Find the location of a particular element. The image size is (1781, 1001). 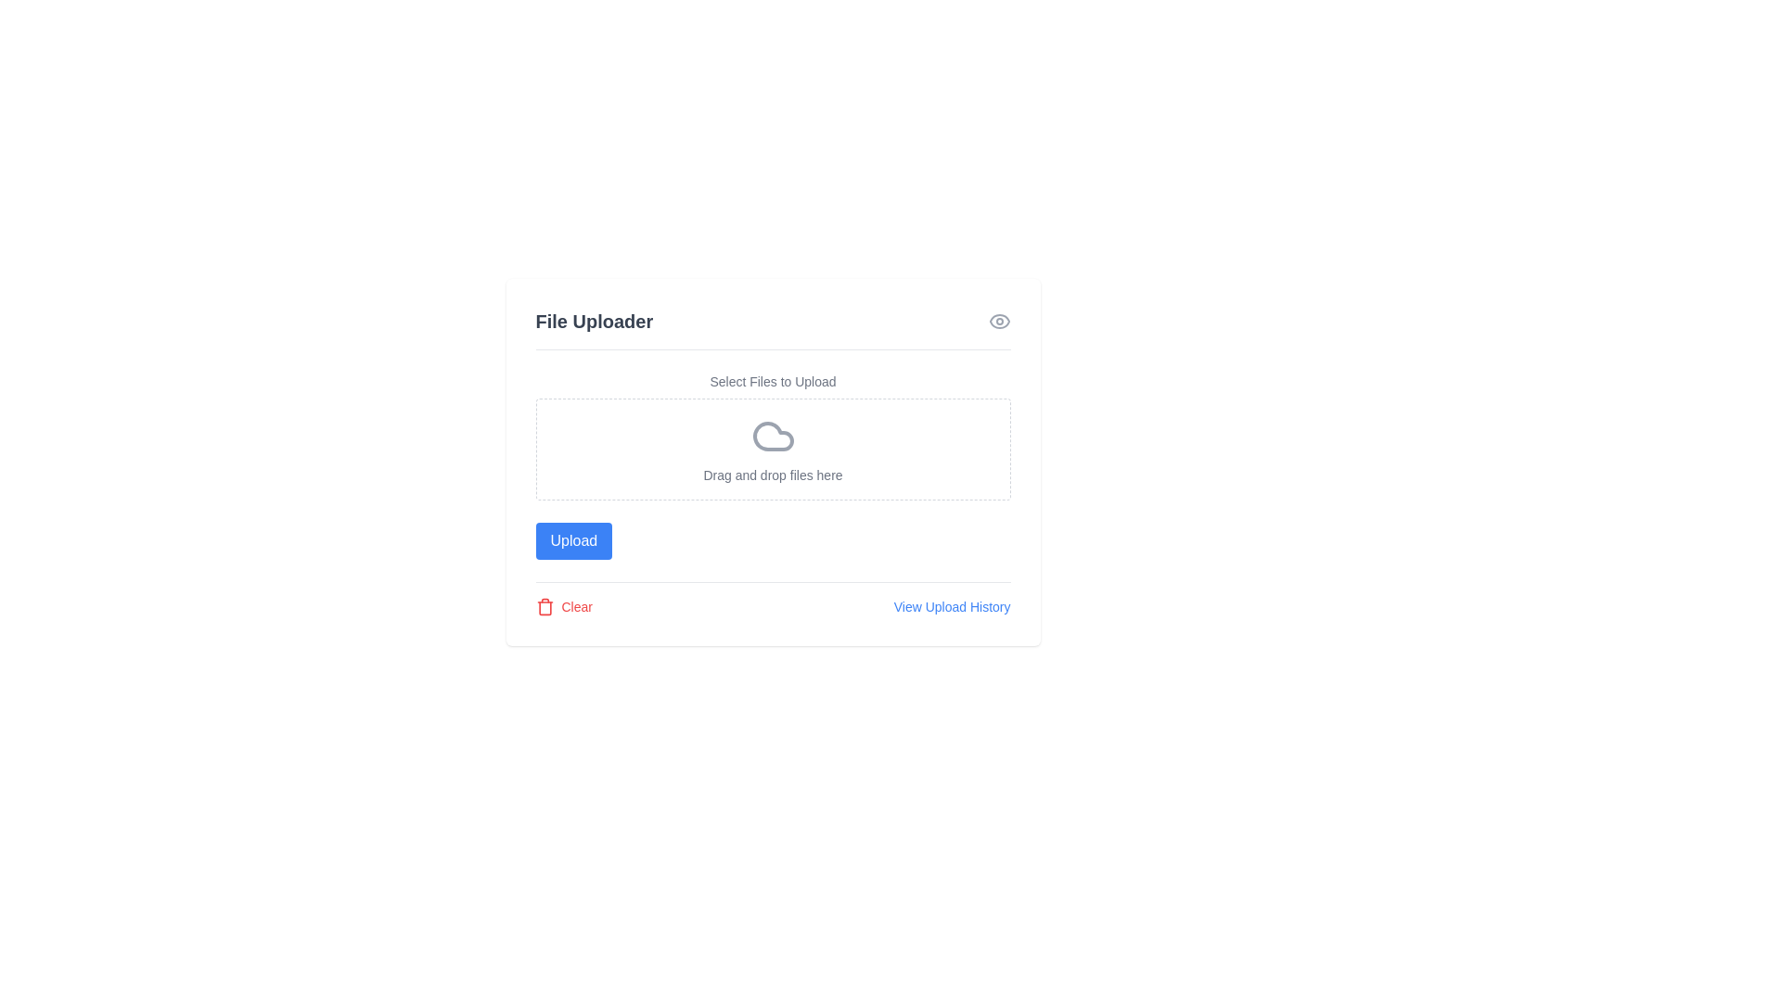

the instructional text that reads 'Select Files to Upload', which is centrally placed above the file uploader box is located at coordinates (773, 381).